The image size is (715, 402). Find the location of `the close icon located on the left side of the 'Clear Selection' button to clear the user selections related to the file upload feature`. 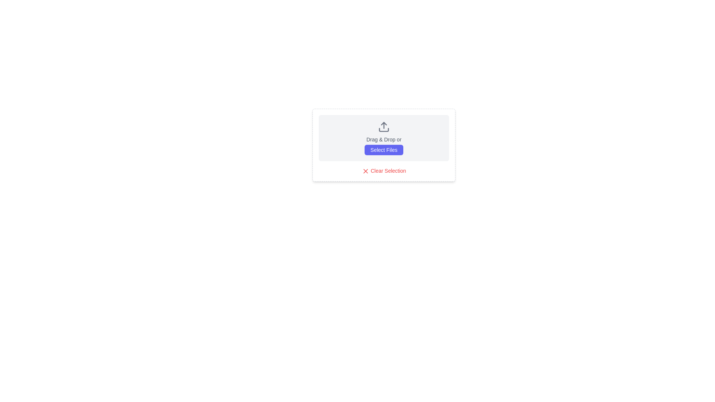

the close icon located on the left side of the 'Clear Selection' button to clear the user selections related to the file upload feature is located at coordinates (365, 171).